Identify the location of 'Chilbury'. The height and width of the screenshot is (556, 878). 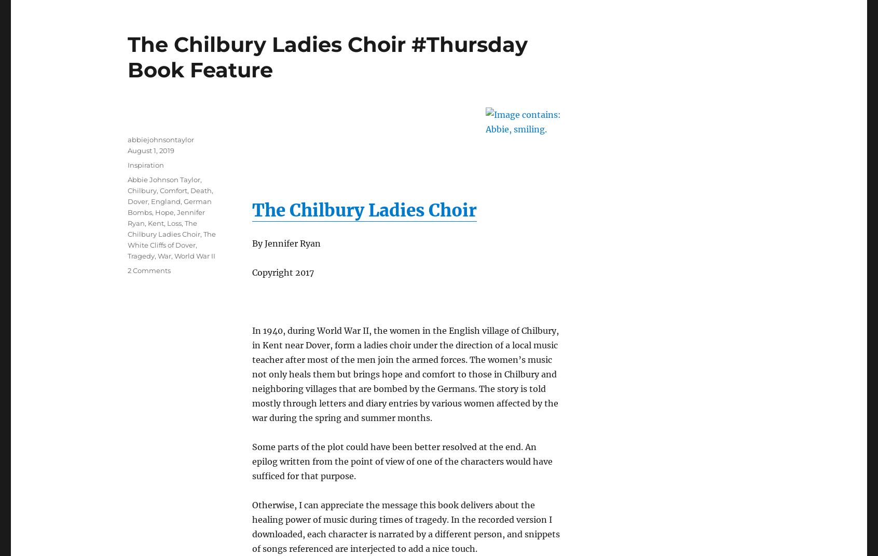
(142, 189).